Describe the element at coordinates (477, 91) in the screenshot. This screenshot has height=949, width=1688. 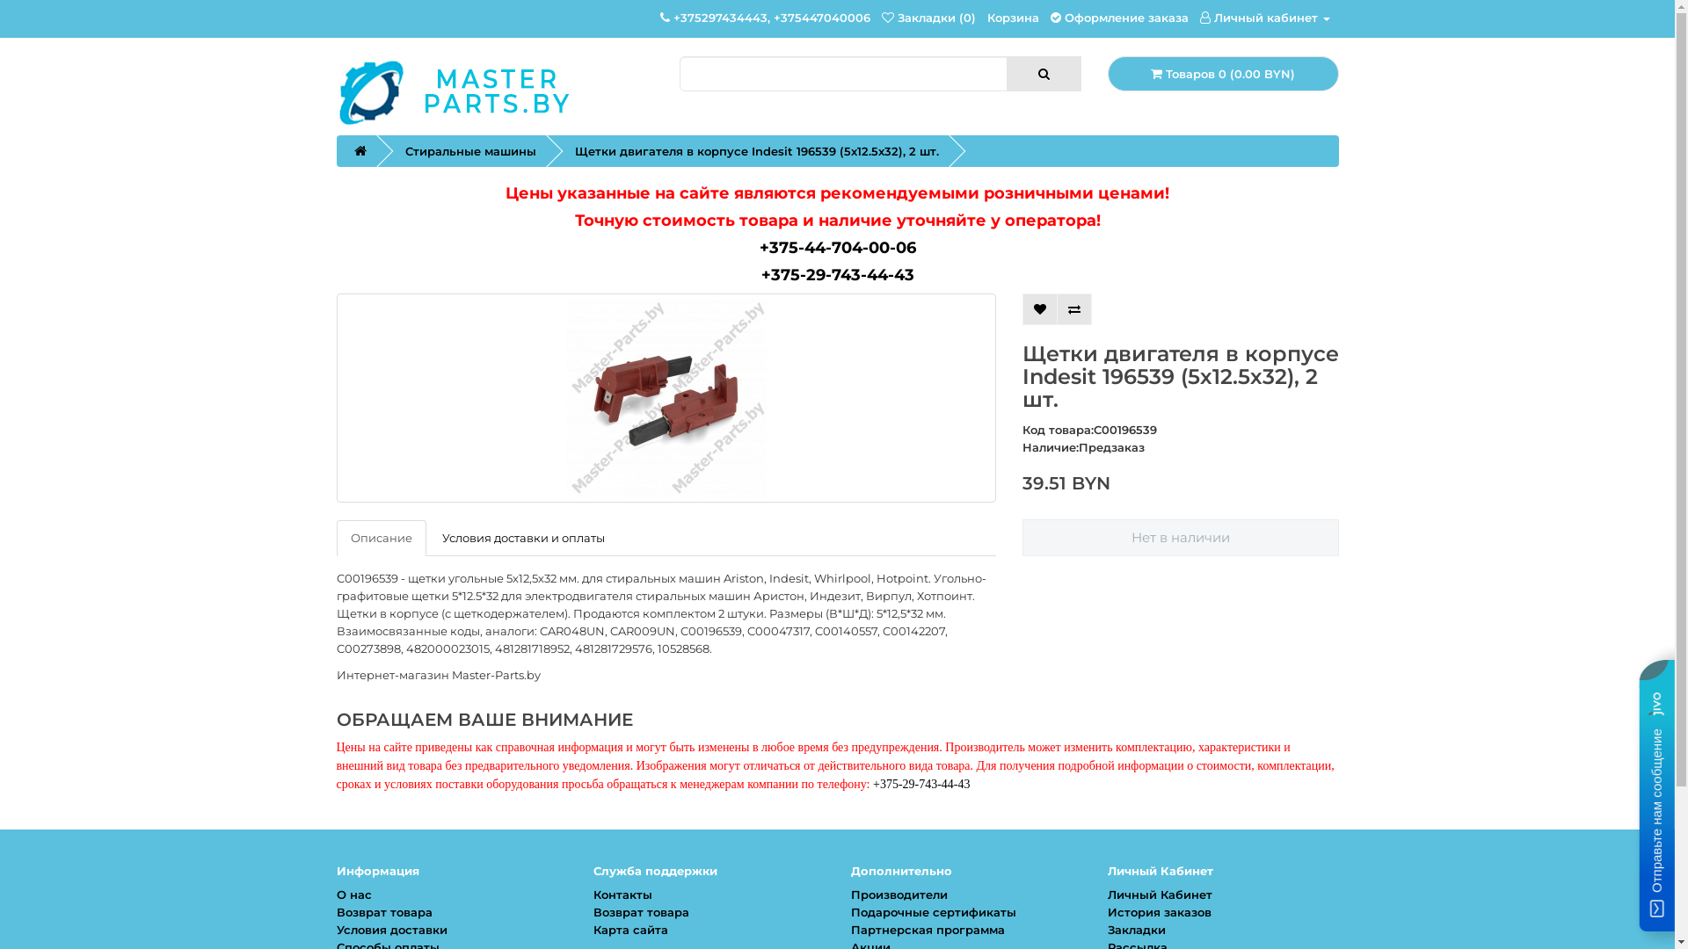
I see `'Master-Parts.by'` at that location.